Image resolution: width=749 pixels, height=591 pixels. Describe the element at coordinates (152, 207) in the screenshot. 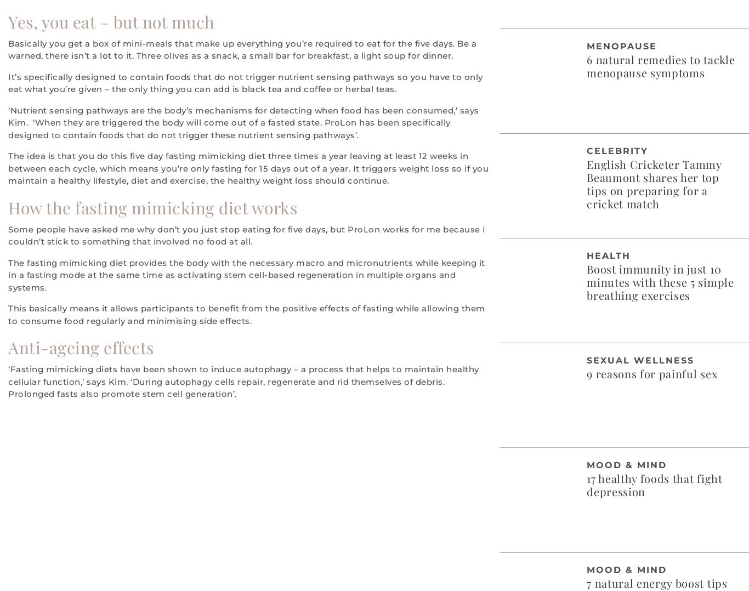

I see `'How the fasting mimicking diet works'` at that location.